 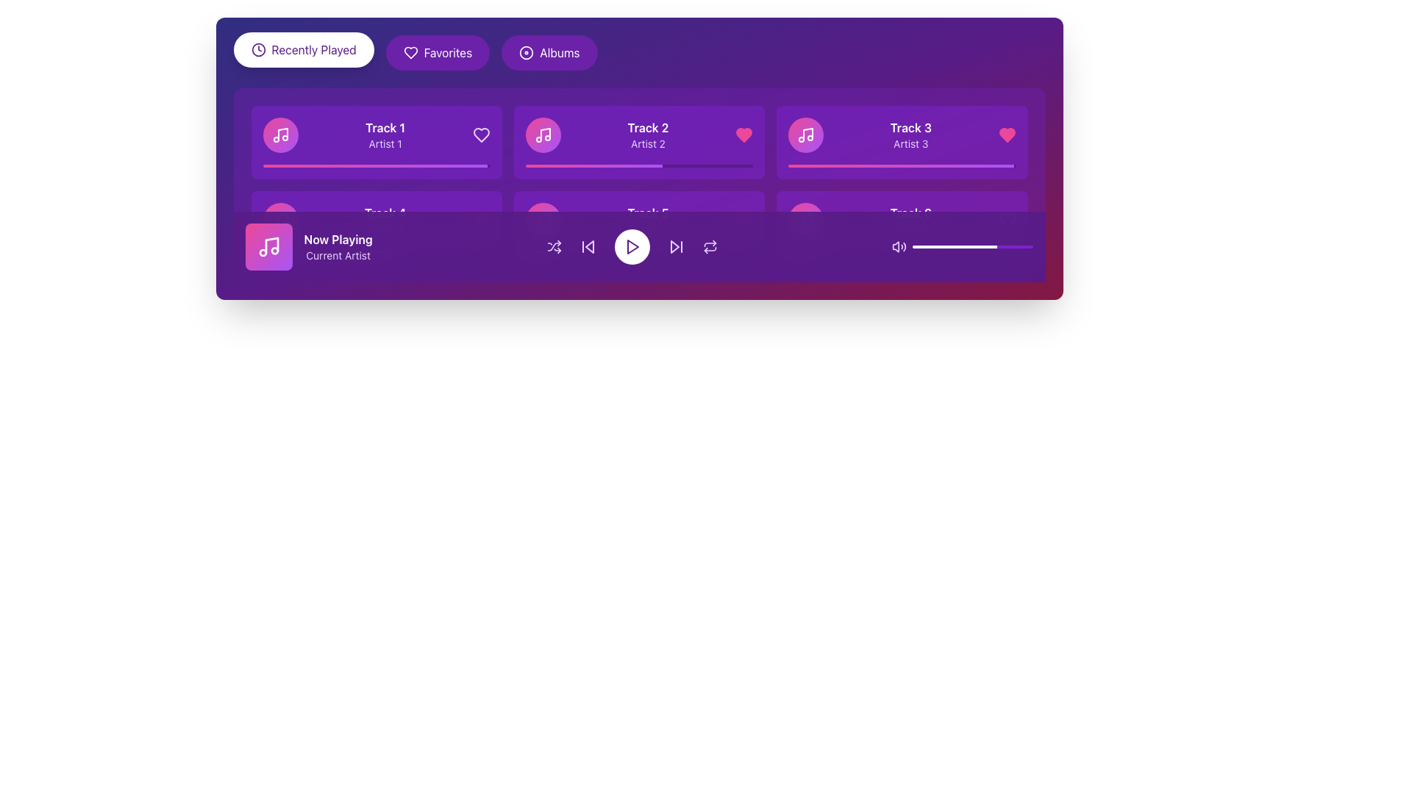 I want to click on the 'Now Playing' text label, which is displayed in bold white font on a purple background, located within the playback controls bar to the right of a music icon, so click(x=338, y=239).